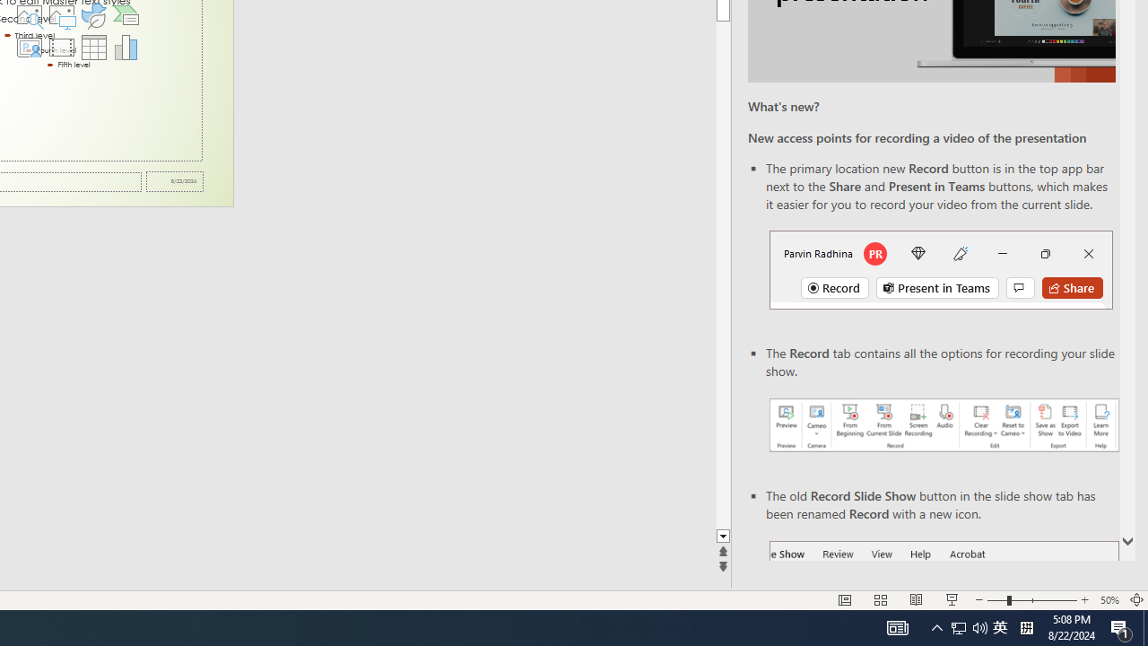  What do you see at coordinates (126, 46) in the screenshot?
I see `'Insert Chart'` at bounding box center [126, 46].